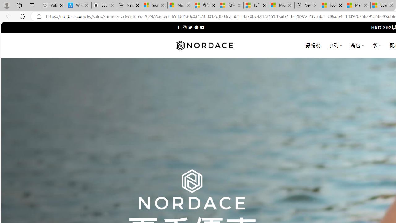 Image resolution: width=396 pixels, height=223 pixels. I want to click on 'Refresh', so click(22, 16).